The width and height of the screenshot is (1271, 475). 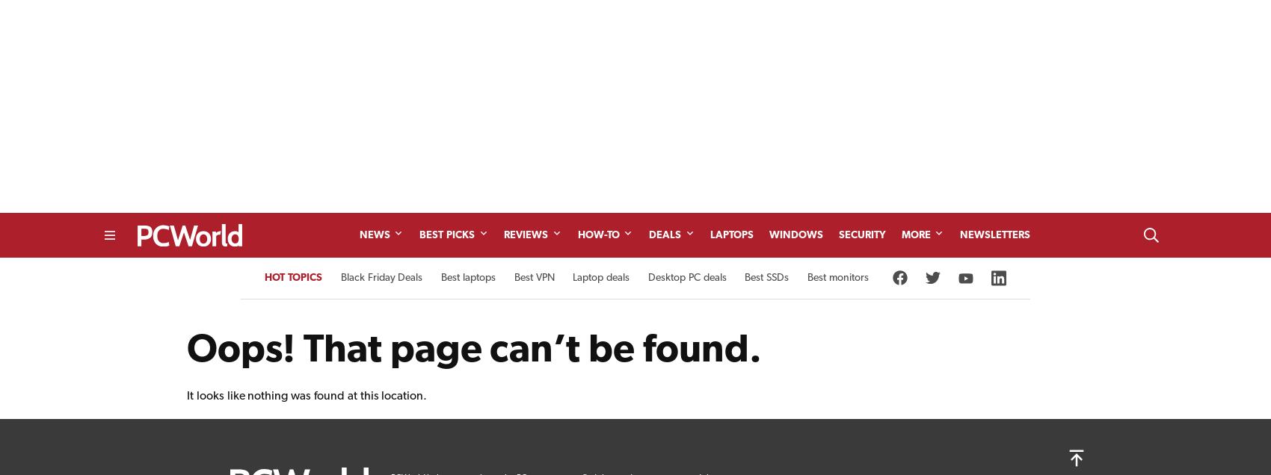 I want to click on 'How-To', so click(x=597, y=235).